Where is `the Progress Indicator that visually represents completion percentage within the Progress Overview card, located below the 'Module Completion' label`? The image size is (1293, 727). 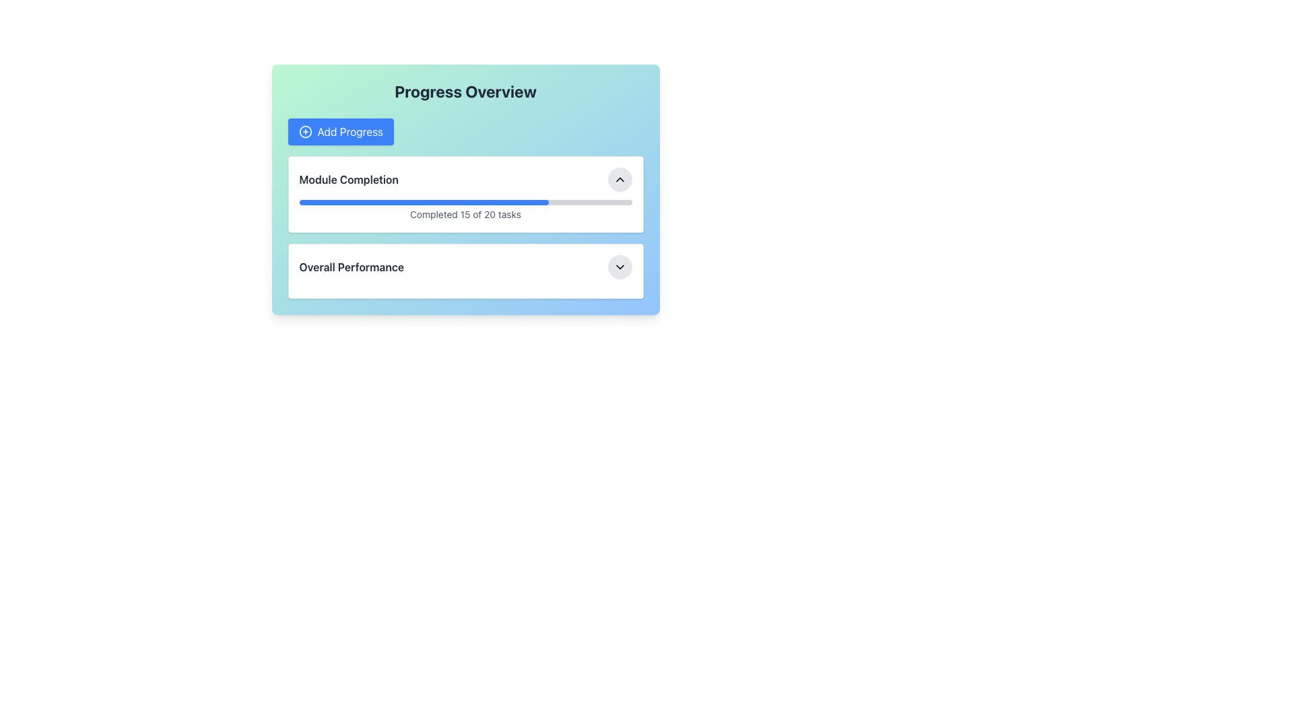
the Progress Indicator that visually represents completion percentage within the Progress Overview card, located below the 'Module Completion' label is located at coordinates (423, 202).